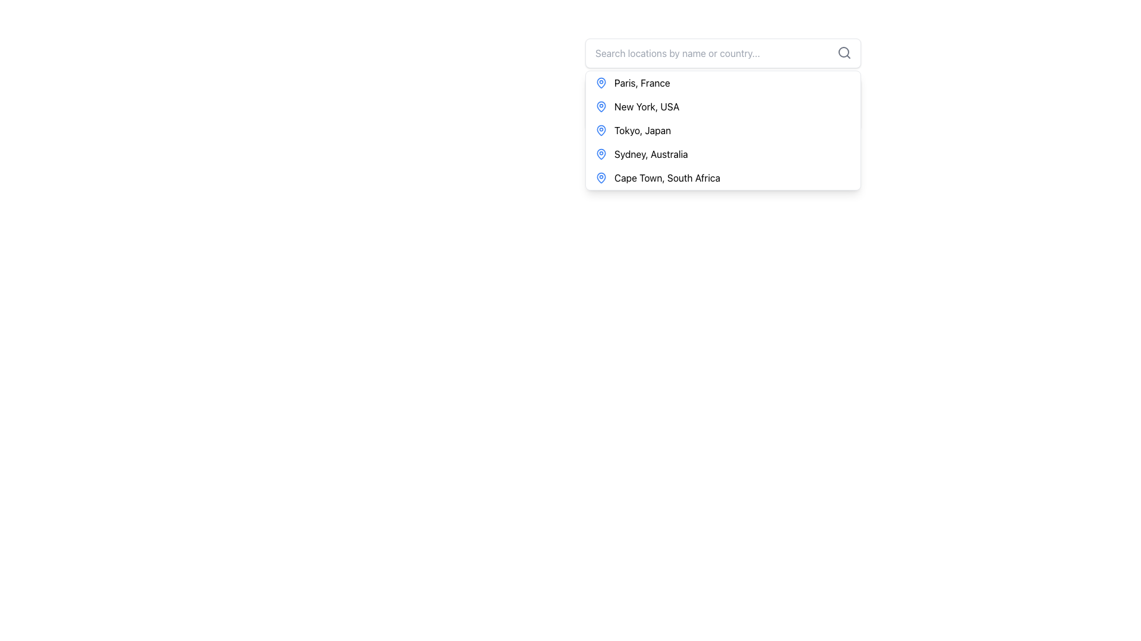 The image size is (1141, 641). What do you see at coordinates (642, 130) in the screenshot?
I see `the text element 'Tokyo, Japan' within the interactive dropdown menu` at bounding box center [642, 130].